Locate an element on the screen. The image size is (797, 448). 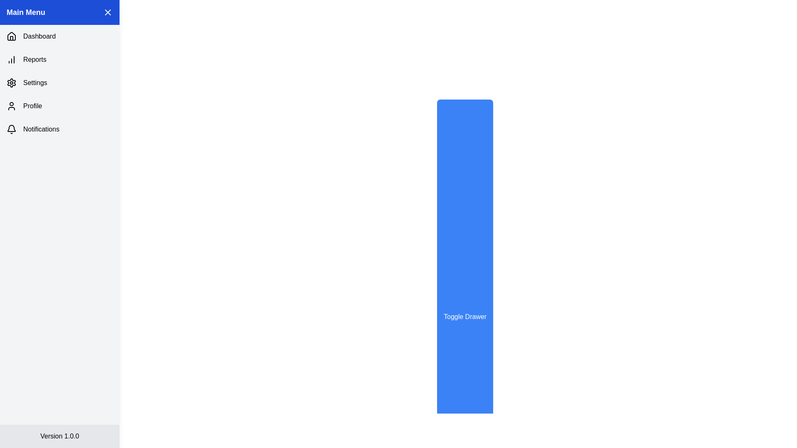
the 'Profile' icon located to the left of the 'Profile' text in the navigation menu is located at coordinates (12, 105).